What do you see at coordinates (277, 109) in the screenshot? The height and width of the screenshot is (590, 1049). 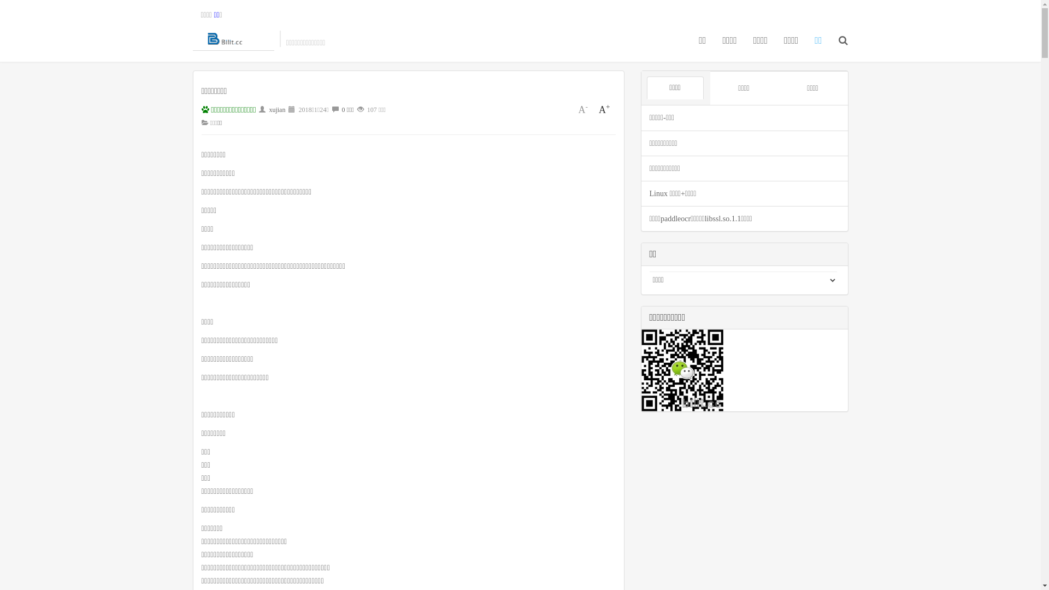 I see `'xujian'` at bounding box center [277, 109].